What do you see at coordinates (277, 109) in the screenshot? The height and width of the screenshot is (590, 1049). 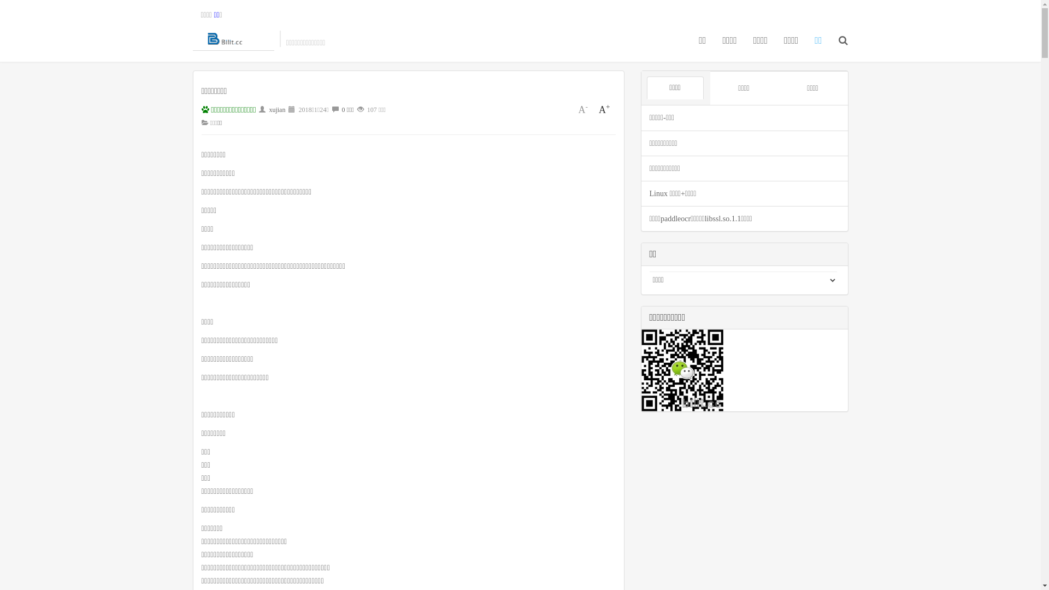 I see `'xujian'` at bounding box center [277, 109].